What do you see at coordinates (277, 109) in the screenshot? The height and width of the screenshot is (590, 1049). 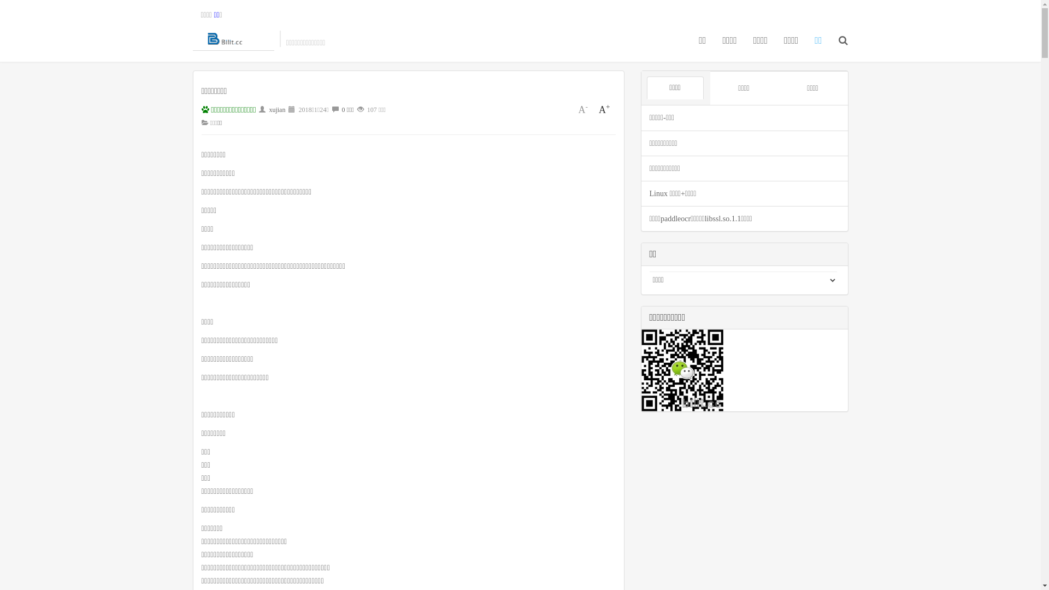 I see `'xujian'` at bounding box center [277, 109].